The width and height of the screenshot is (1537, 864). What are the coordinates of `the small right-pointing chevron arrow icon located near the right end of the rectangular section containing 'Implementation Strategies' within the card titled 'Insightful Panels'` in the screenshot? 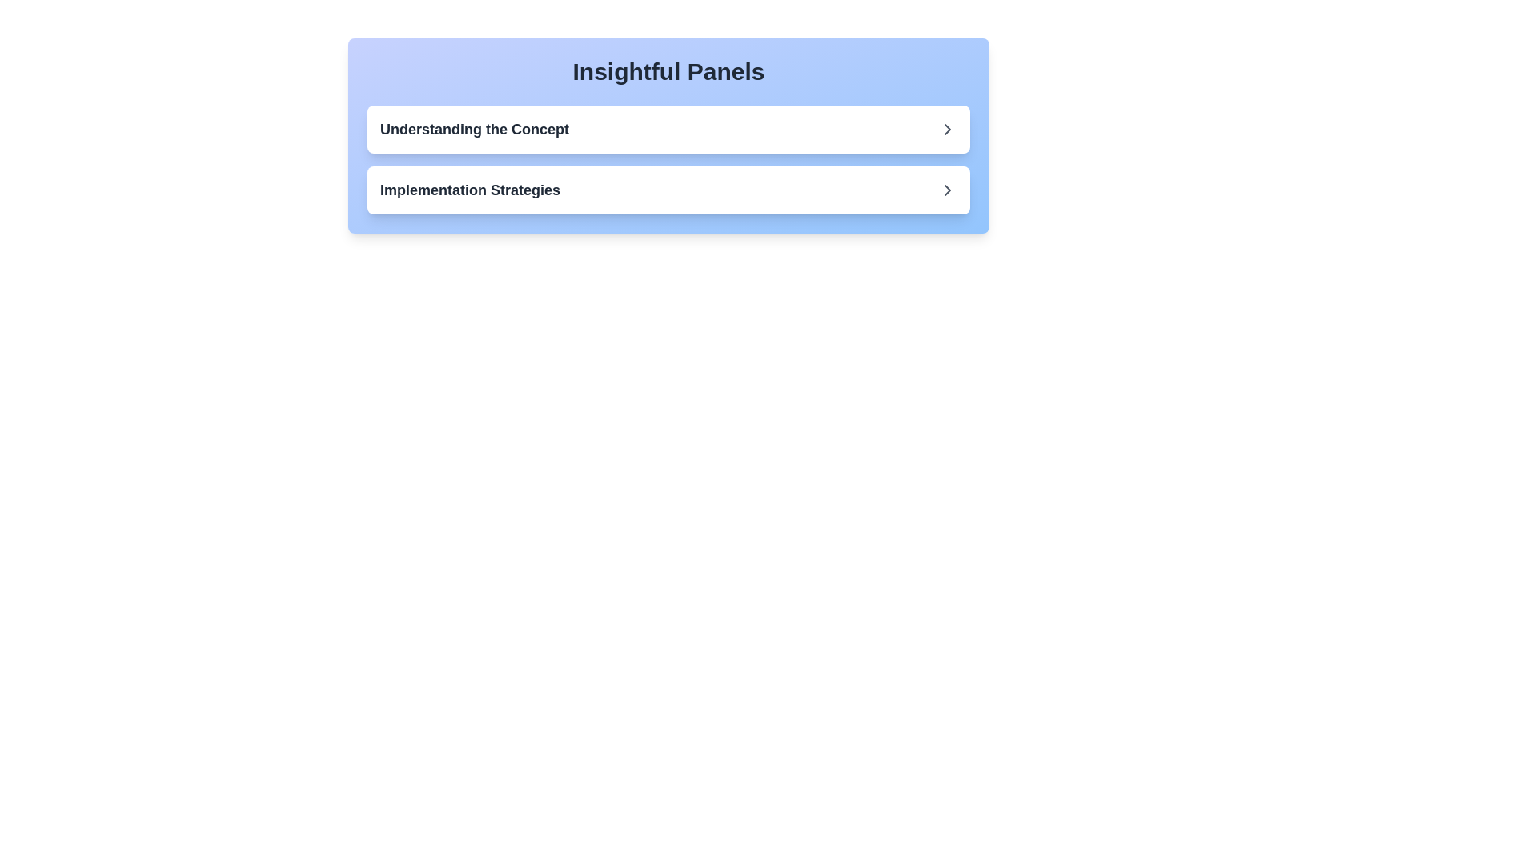 It's located at (948, 190).